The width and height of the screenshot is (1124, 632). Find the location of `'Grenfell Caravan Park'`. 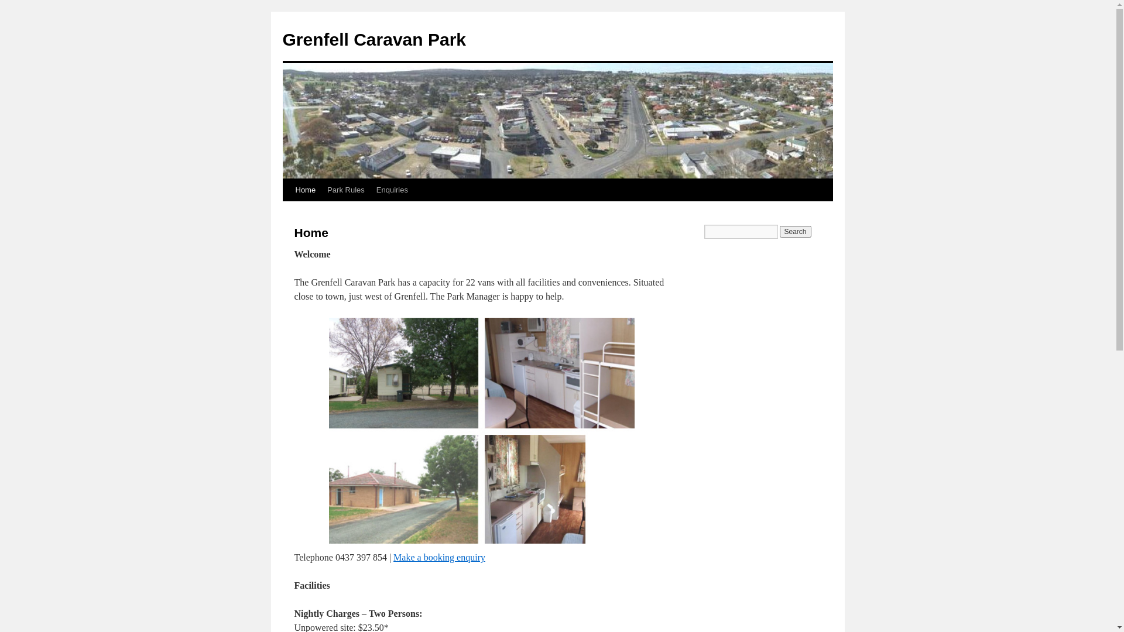

'Grenfell Caravan Park' is located at coordinates (373, 39).